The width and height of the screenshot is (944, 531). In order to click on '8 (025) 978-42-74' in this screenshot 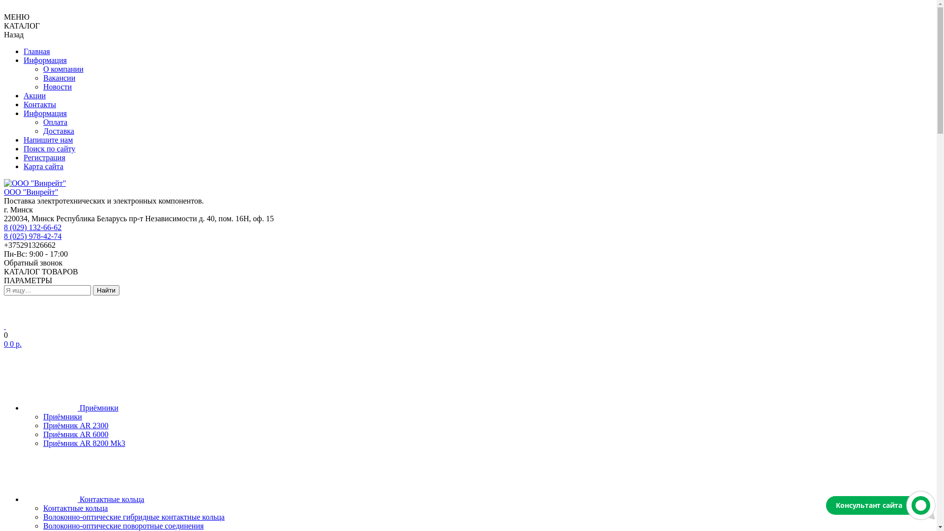, I will do `click(32, 236)`.